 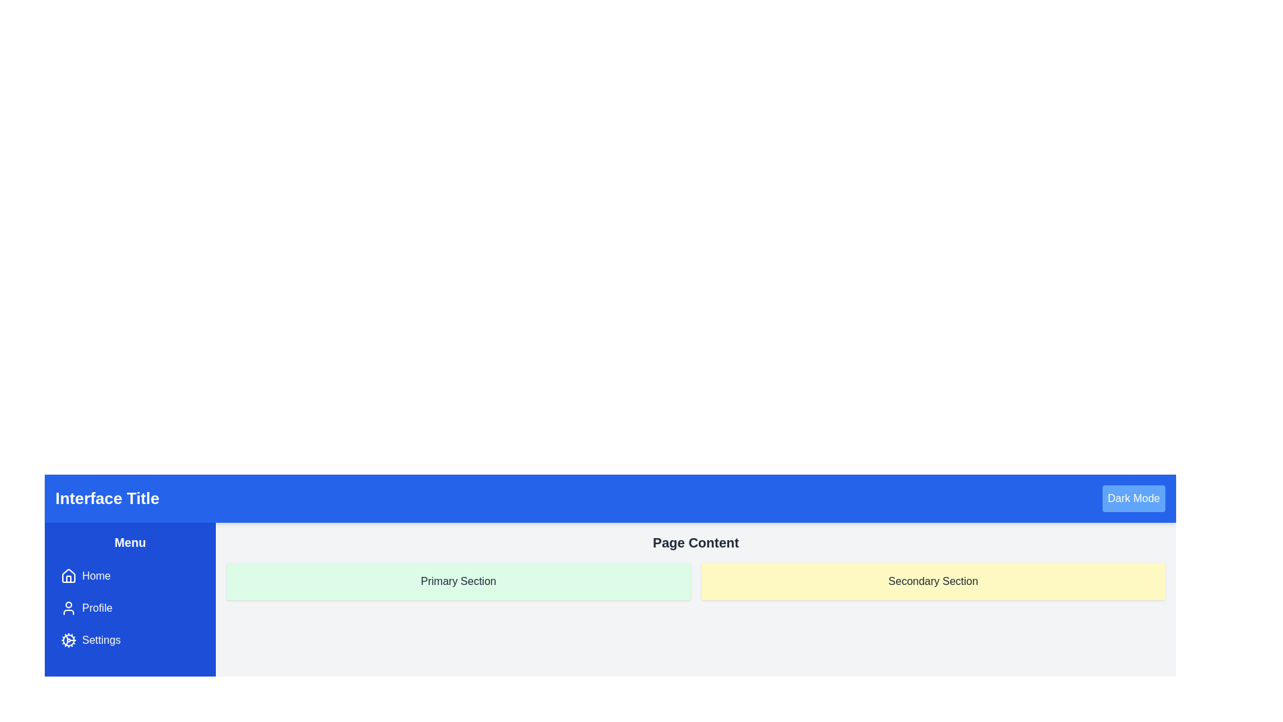 I want to click on the user silhouette icon located in the 'Profile' button of the vertical navigation menu on the left side of the interface, so click(x=67, y=608).